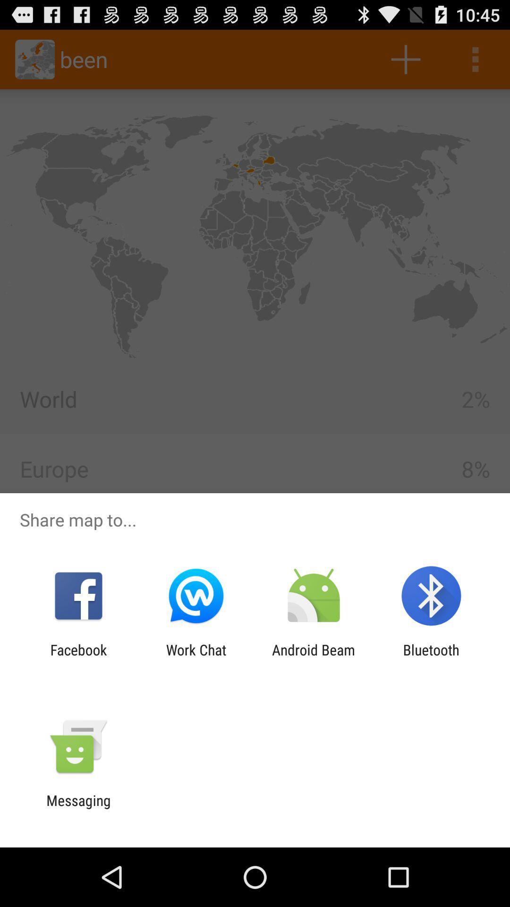 This screenshot has width=510, height=907. What do you see at coordinates (78, 658) in the screenshot?
I see `facebook icon` at bounding box center [78, 658].